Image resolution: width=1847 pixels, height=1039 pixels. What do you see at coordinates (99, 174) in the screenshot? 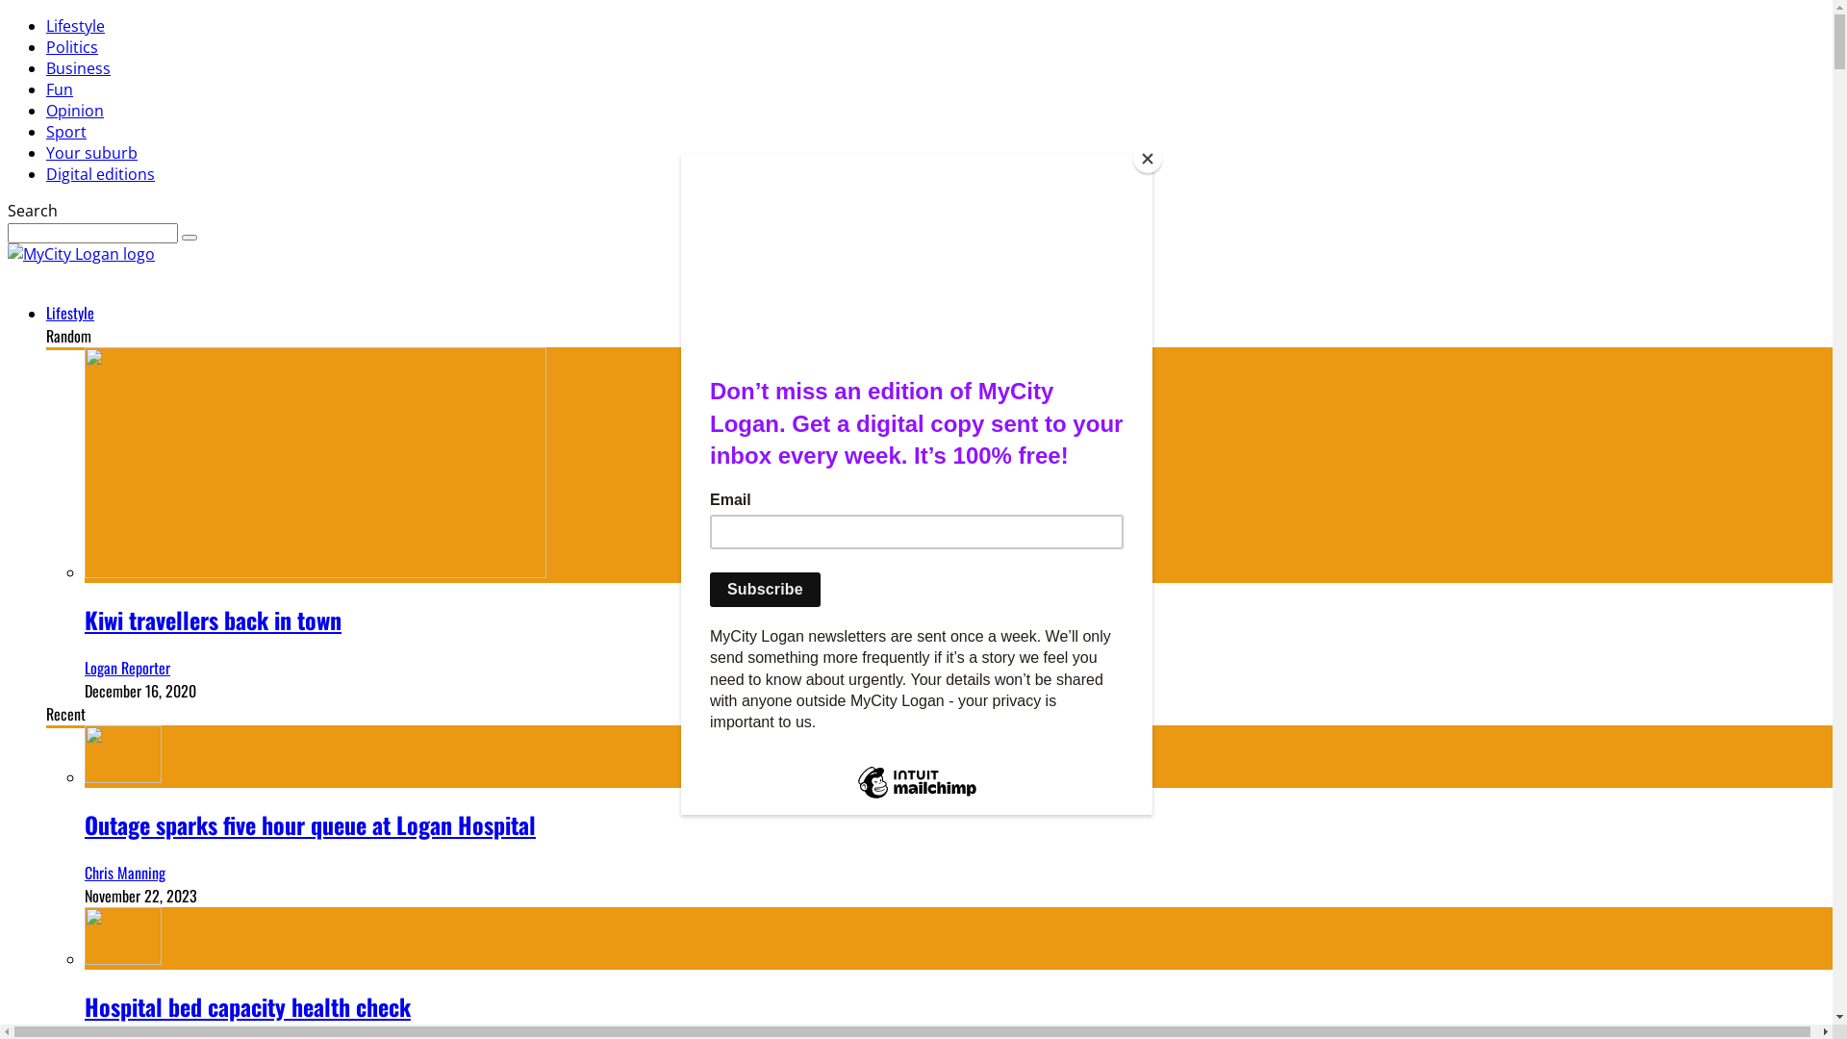
I see `'Digital editions'` at bounding box center [99, 174].